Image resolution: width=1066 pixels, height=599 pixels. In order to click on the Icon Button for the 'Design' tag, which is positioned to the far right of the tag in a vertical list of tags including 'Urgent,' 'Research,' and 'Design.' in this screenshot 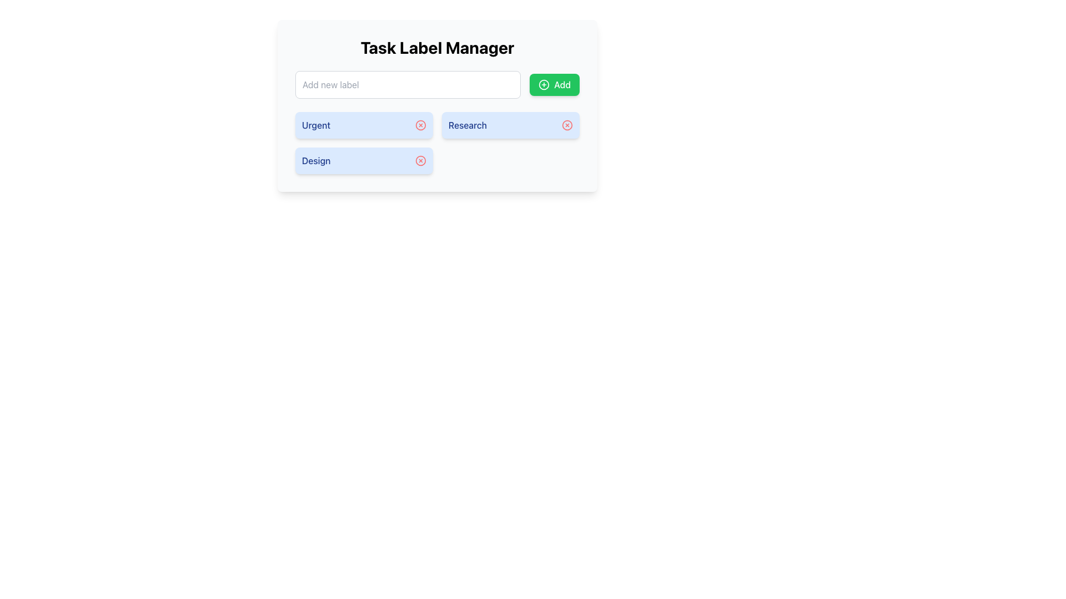, I will do `click(420, 160)`.